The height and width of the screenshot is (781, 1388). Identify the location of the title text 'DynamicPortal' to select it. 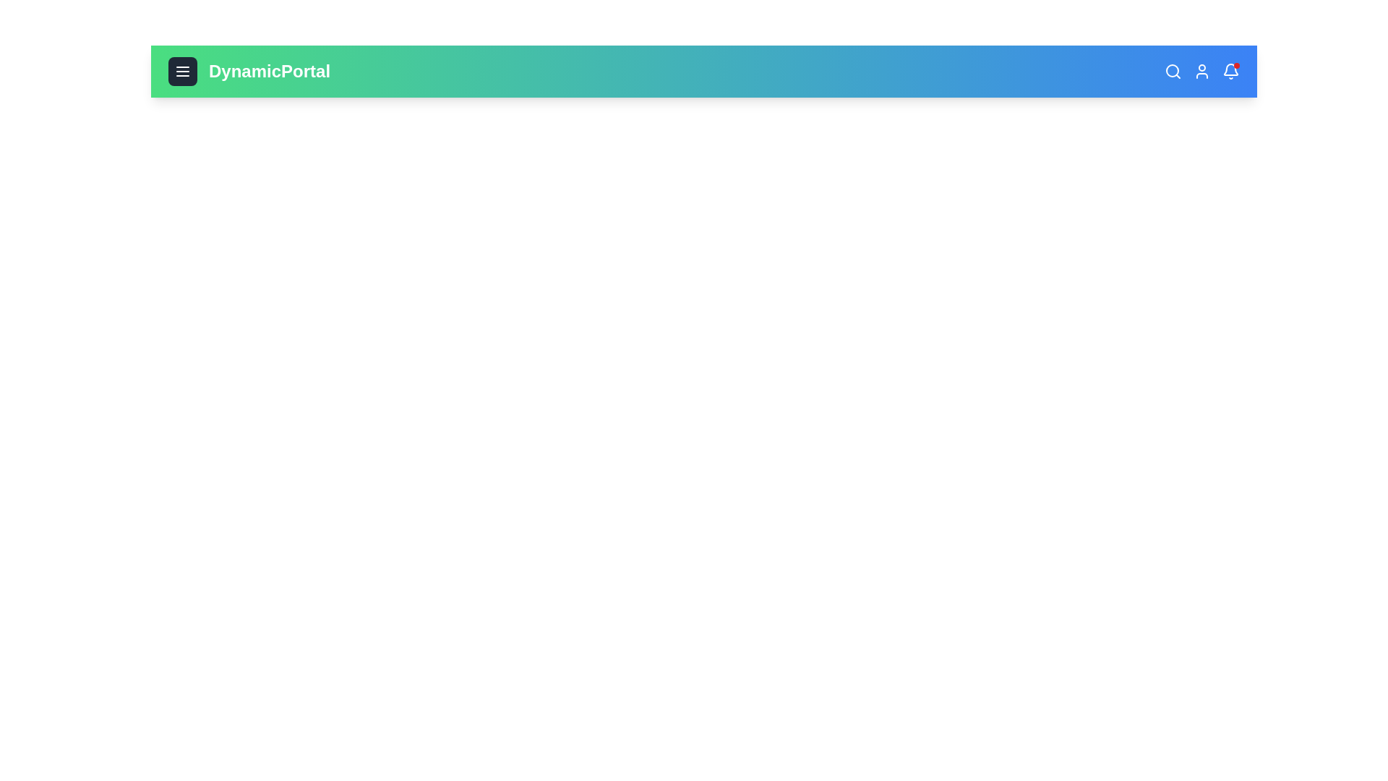
(270, 72).